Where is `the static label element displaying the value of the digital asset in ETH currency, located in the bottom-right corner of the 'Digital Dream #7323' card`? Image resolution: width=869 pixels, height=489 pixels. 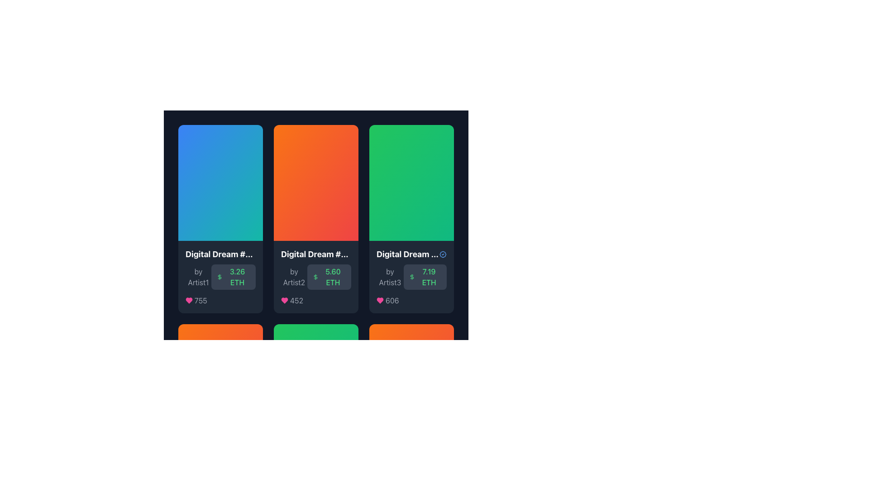 the static label element displaying the value of the digital asset in ETH currency, located in the bottom-right corner of the 'Digital Dream #7323' card is located at coordinates (316, 277).